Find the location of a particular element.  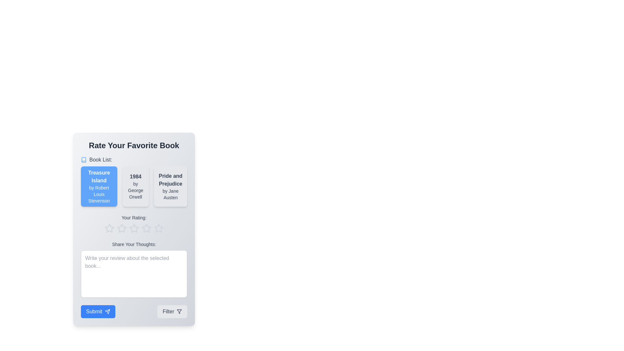

the static text label indicating the purpose of the subsequent section listing available books, located under the main title 'Rate Your Favorite Book', aligned with a blue book icon is located at coordinates (100, 160).